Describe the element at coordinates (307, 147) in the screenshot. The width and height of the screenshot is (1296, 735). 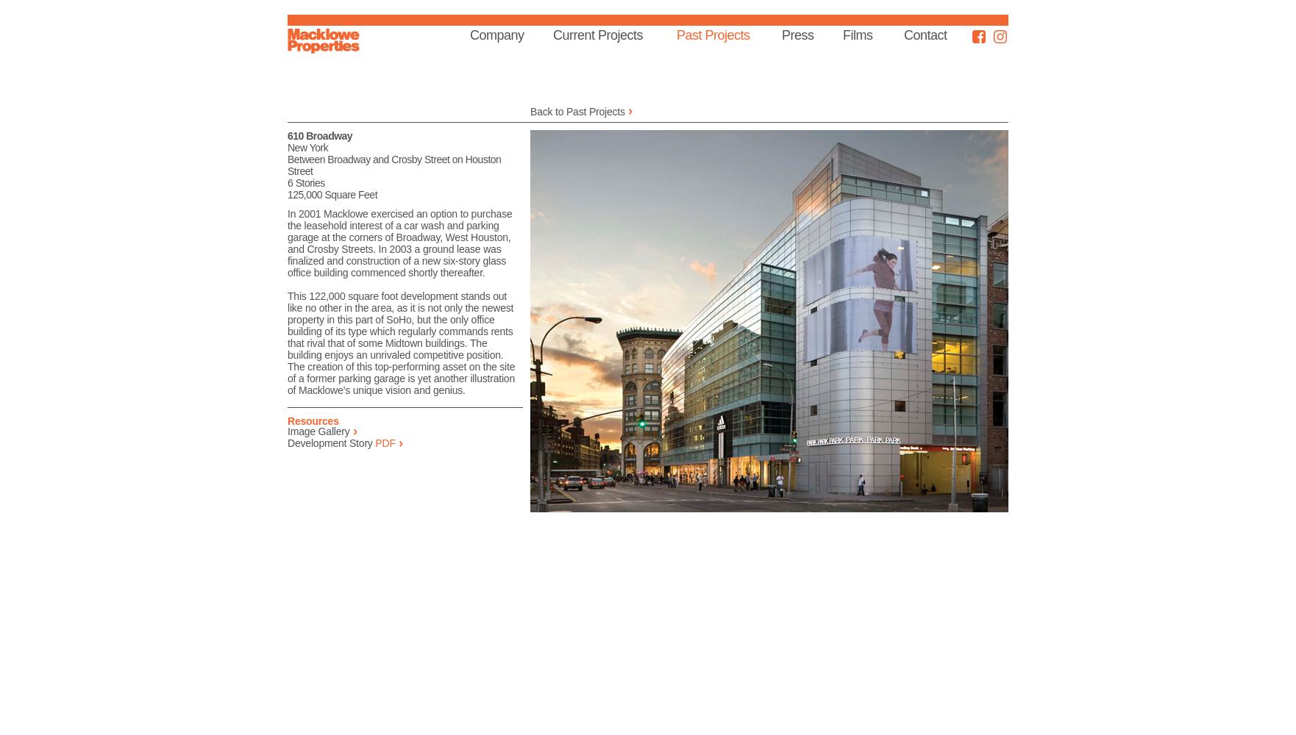
I see `'New York'` at that location.